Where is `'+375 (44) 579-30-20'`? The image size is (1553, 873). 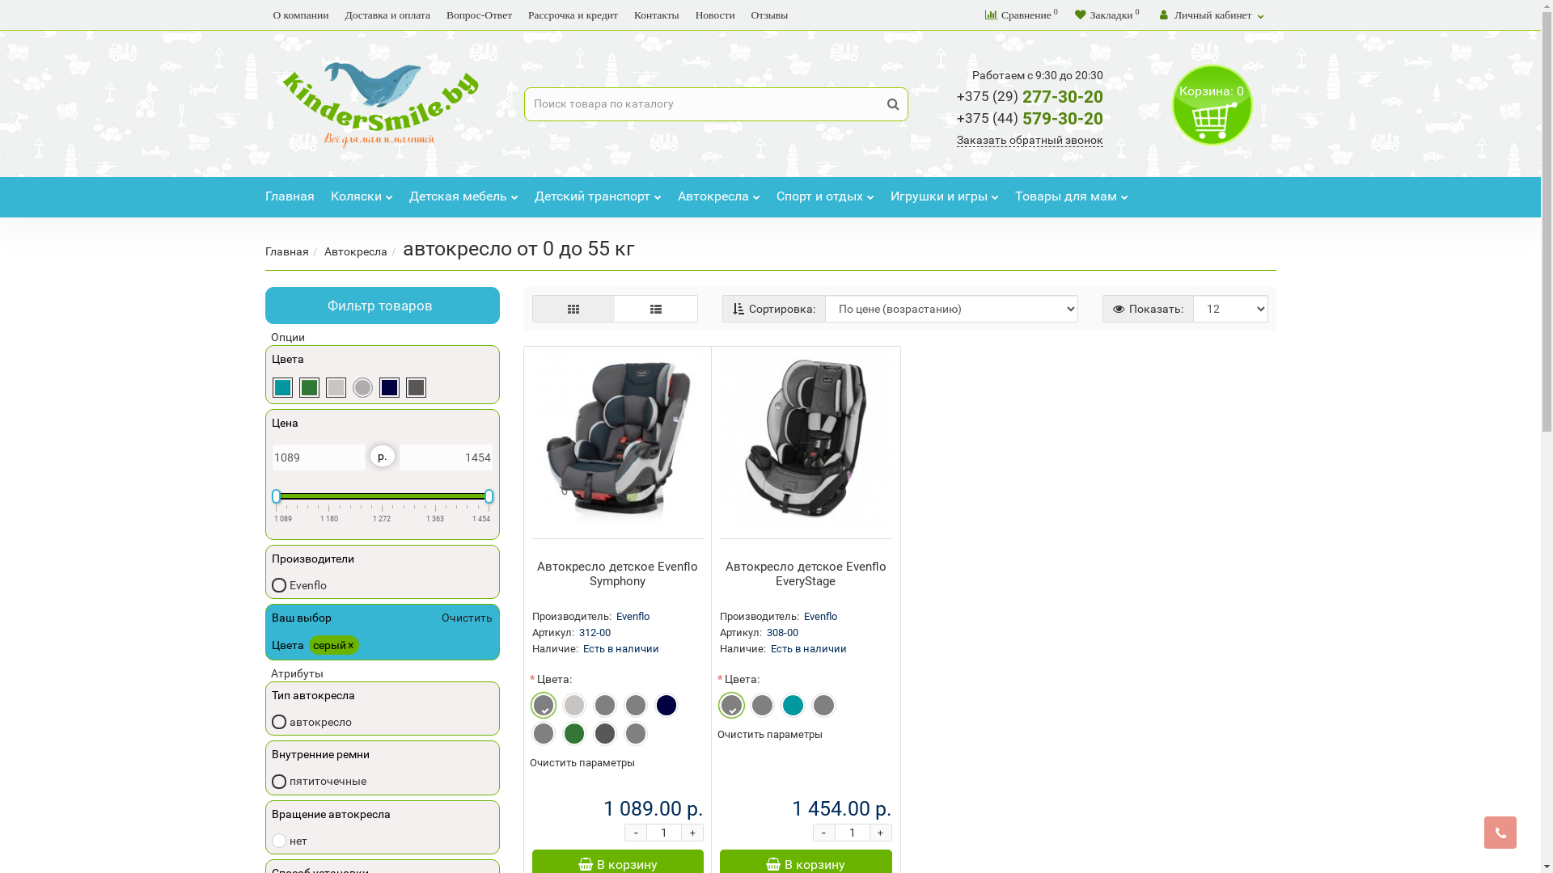 '+375 (44) 579-30-20' is located at coordinates (1029, 117).